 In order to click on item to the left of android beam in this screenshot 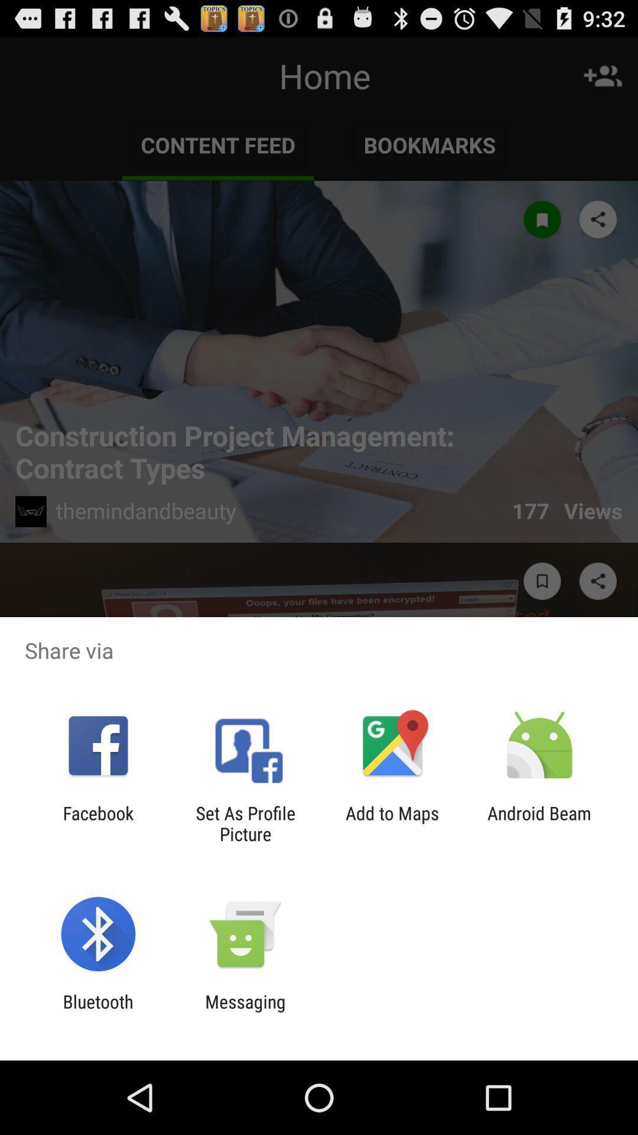, I will do `click(392, 823)`.